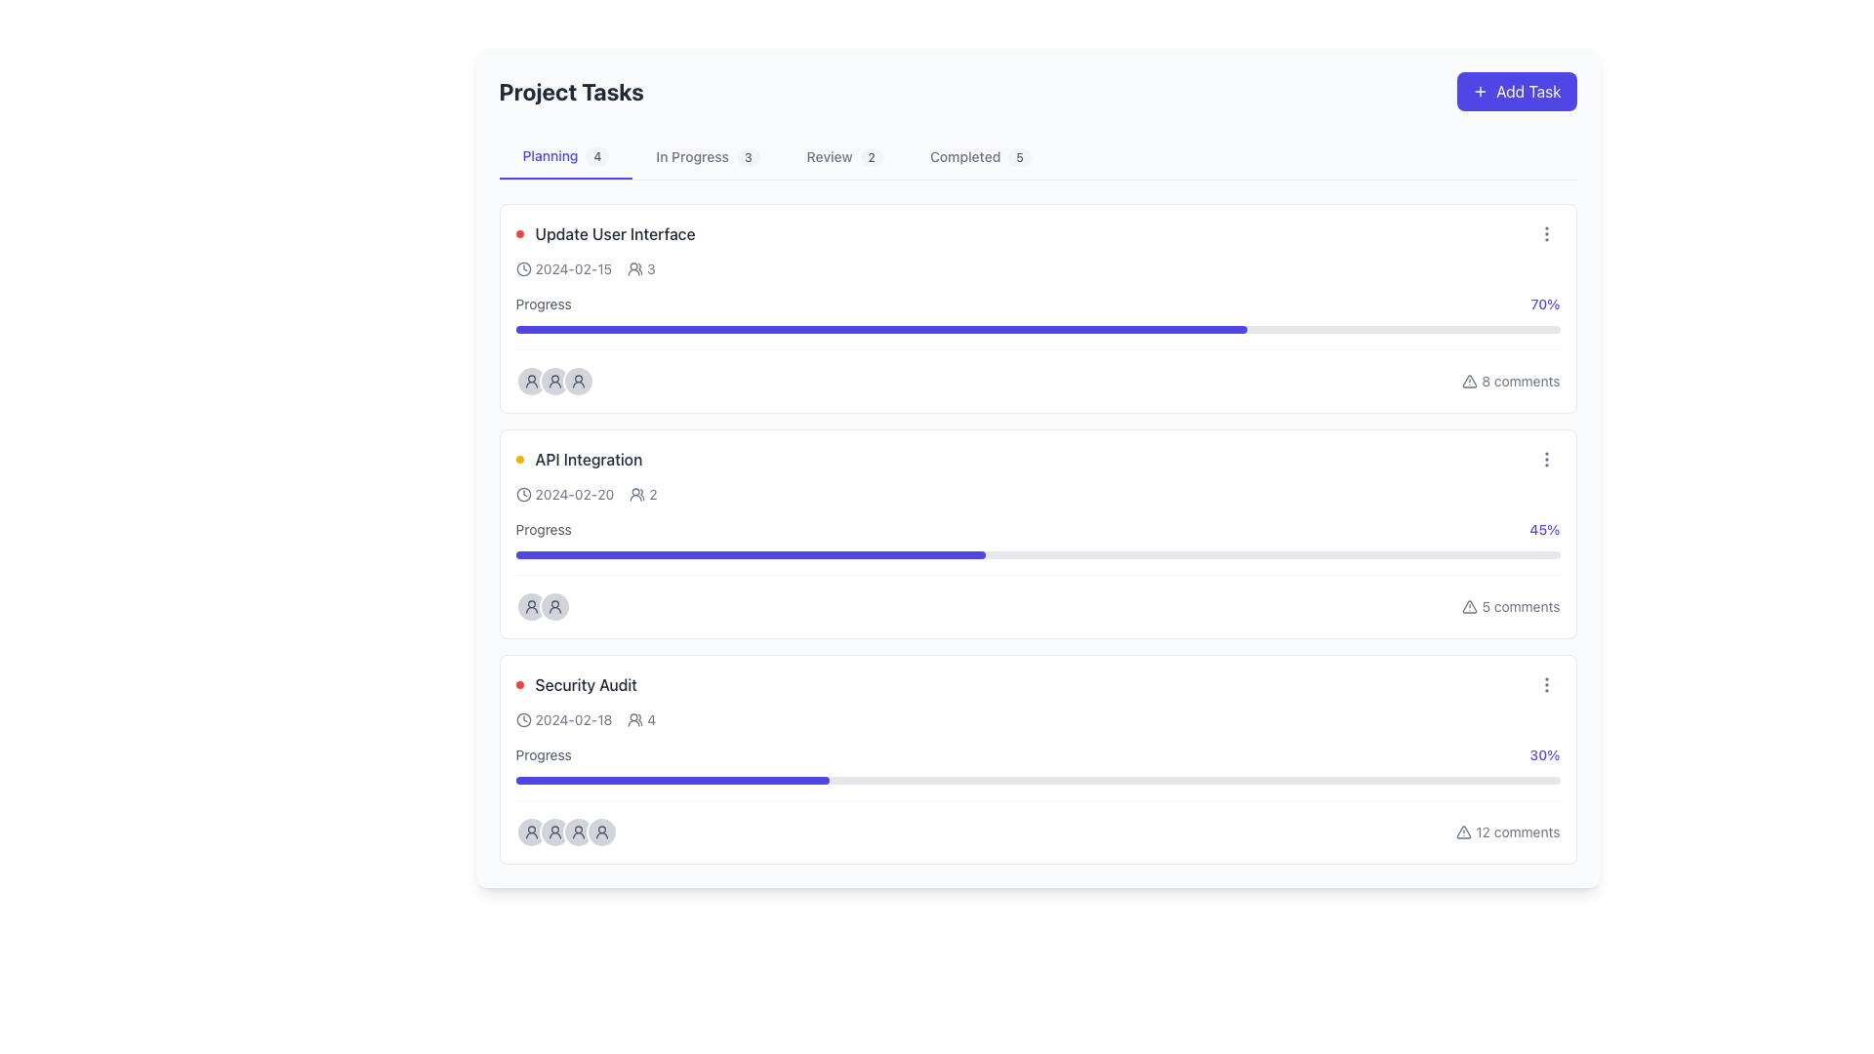 This screenshot has height=1054, width=1874. Describe the element at coordinates (1470, 605) in the screenshot. I see `the warning icon located to the left of the '5 comments' text in the 'API Integration' task section to get details about the warning` at that location.